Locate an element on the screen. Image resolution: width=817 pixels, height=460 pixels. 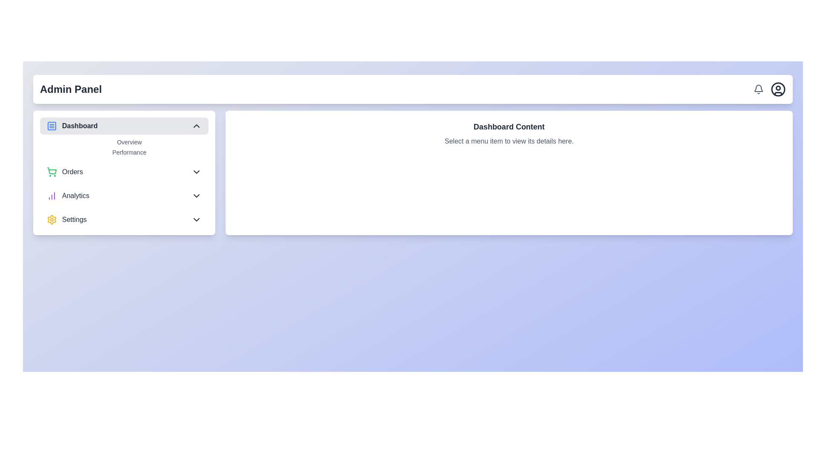
the curved line at the bottom of the user profile icon located at the top-right corner of the application interface is located at coordinates (778, 93).